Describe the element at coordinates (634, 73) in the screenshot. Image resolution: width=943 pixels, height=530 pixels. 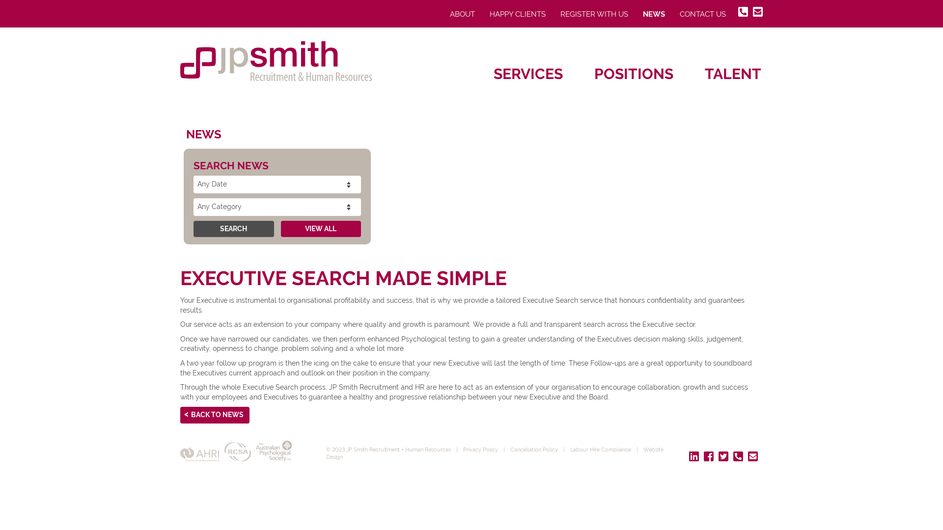
I see `'POSITIONS'` at that location.